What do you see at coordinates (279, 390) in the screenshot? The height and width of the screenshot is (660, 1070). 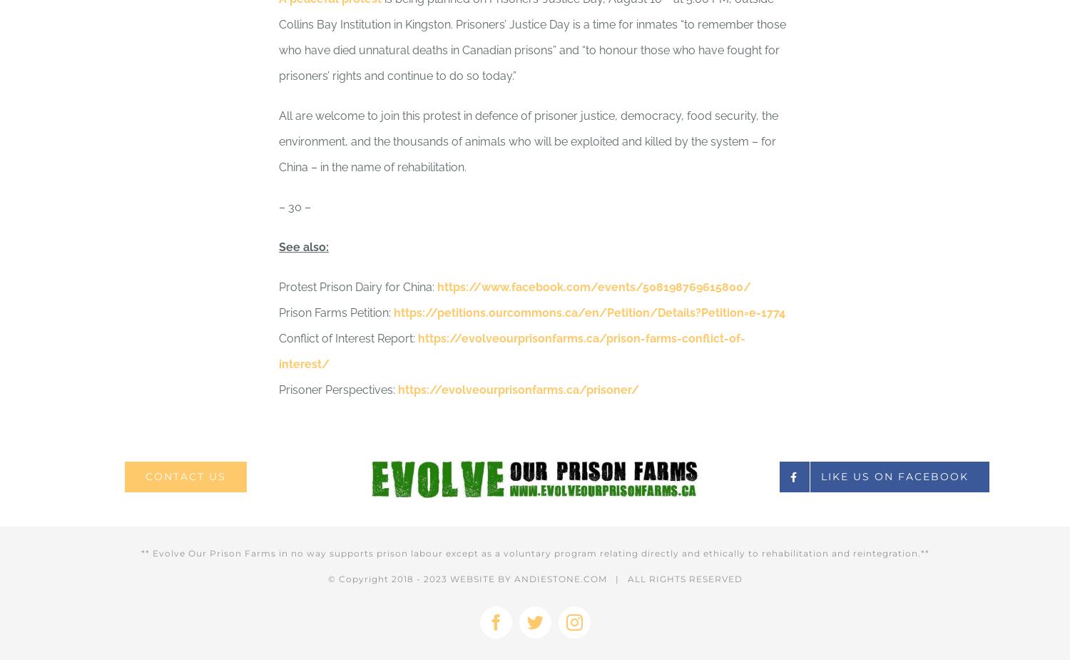 I see `'Prisoner Perspectives:'` at bounding box center [279, 390].